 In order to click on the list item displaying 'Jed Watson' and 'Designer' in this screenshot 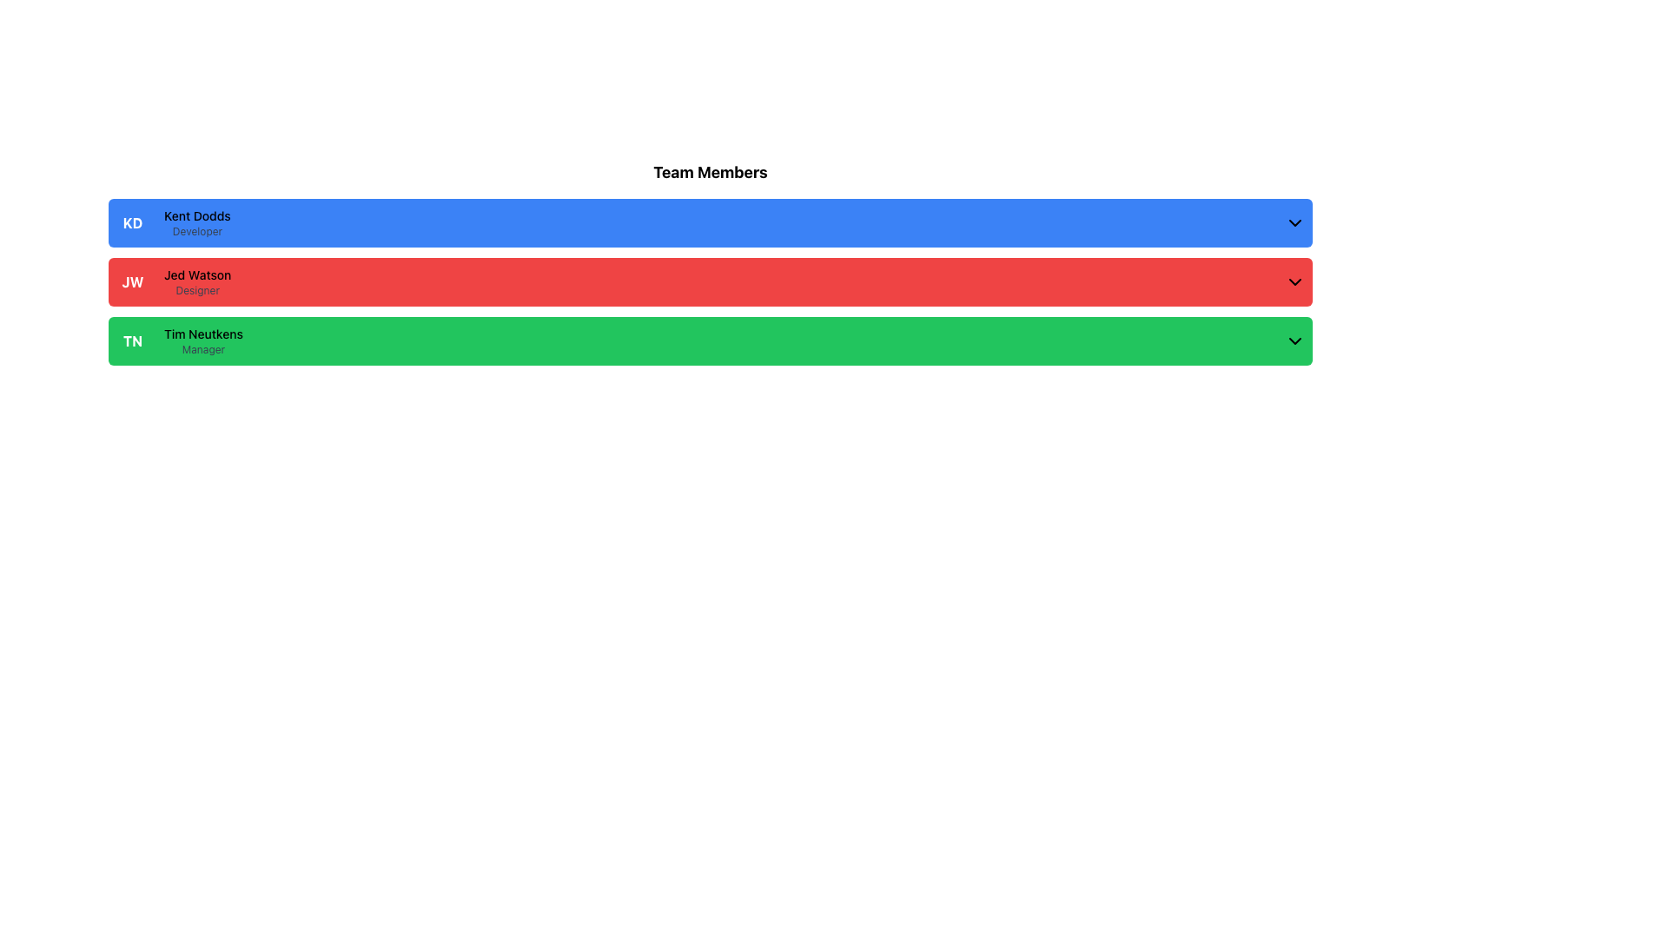, I will do `click(197, 281)`.